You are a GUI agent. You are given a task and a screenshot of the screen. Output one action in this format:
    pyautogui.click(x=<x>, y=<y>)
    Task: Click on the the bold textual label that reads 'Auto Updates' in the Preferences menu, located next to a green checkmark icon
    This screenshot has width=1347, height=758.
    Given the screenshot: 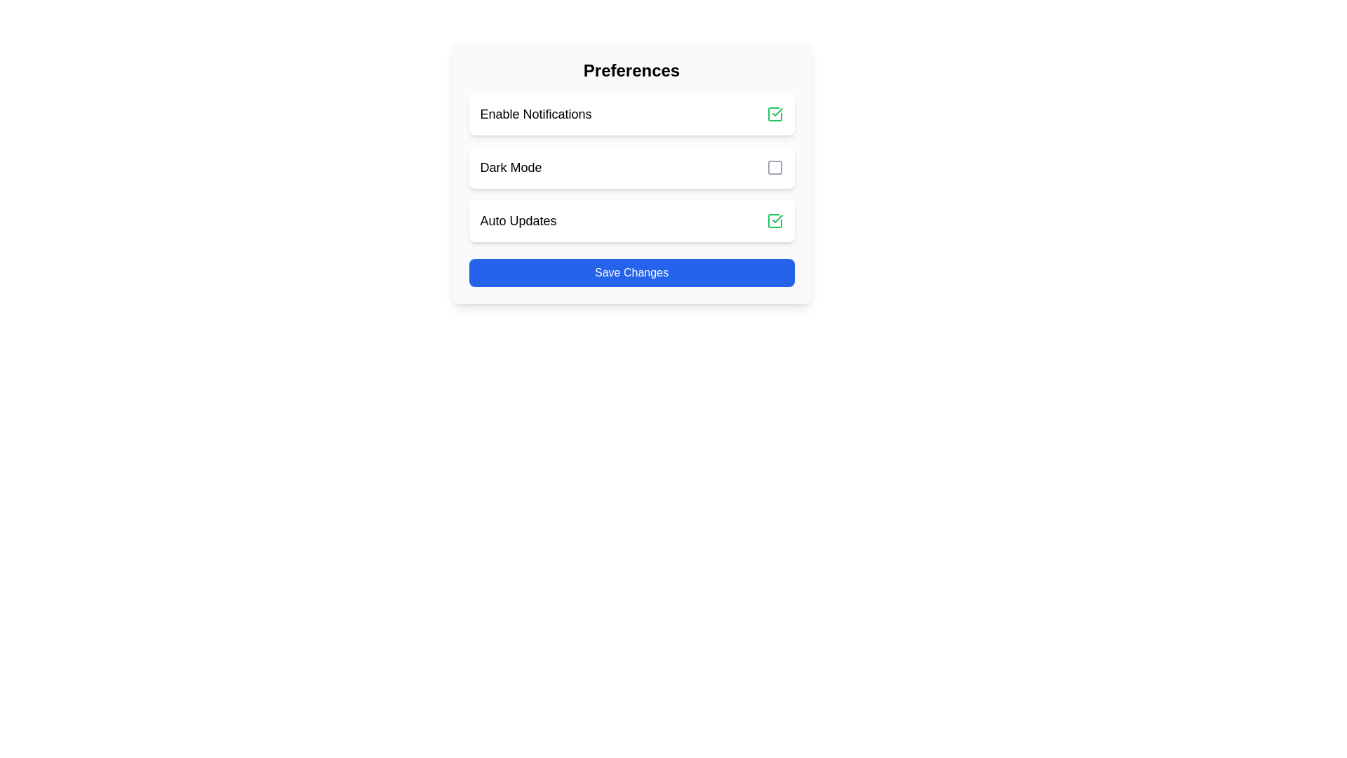 What is the action you would take?
    pyautogui.click(x=518, y=221)
    